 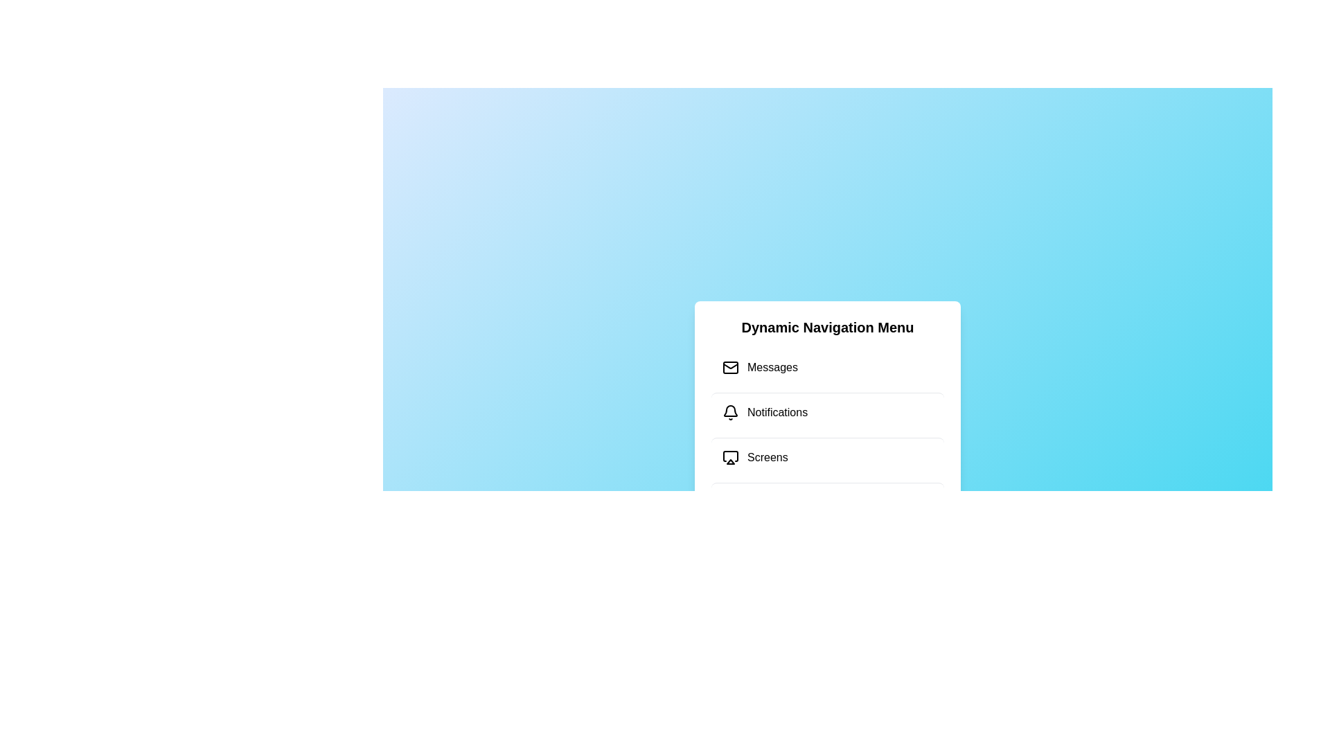 I want to click on the menu item Notifications by clicking on it, so click(x=828, y=411).